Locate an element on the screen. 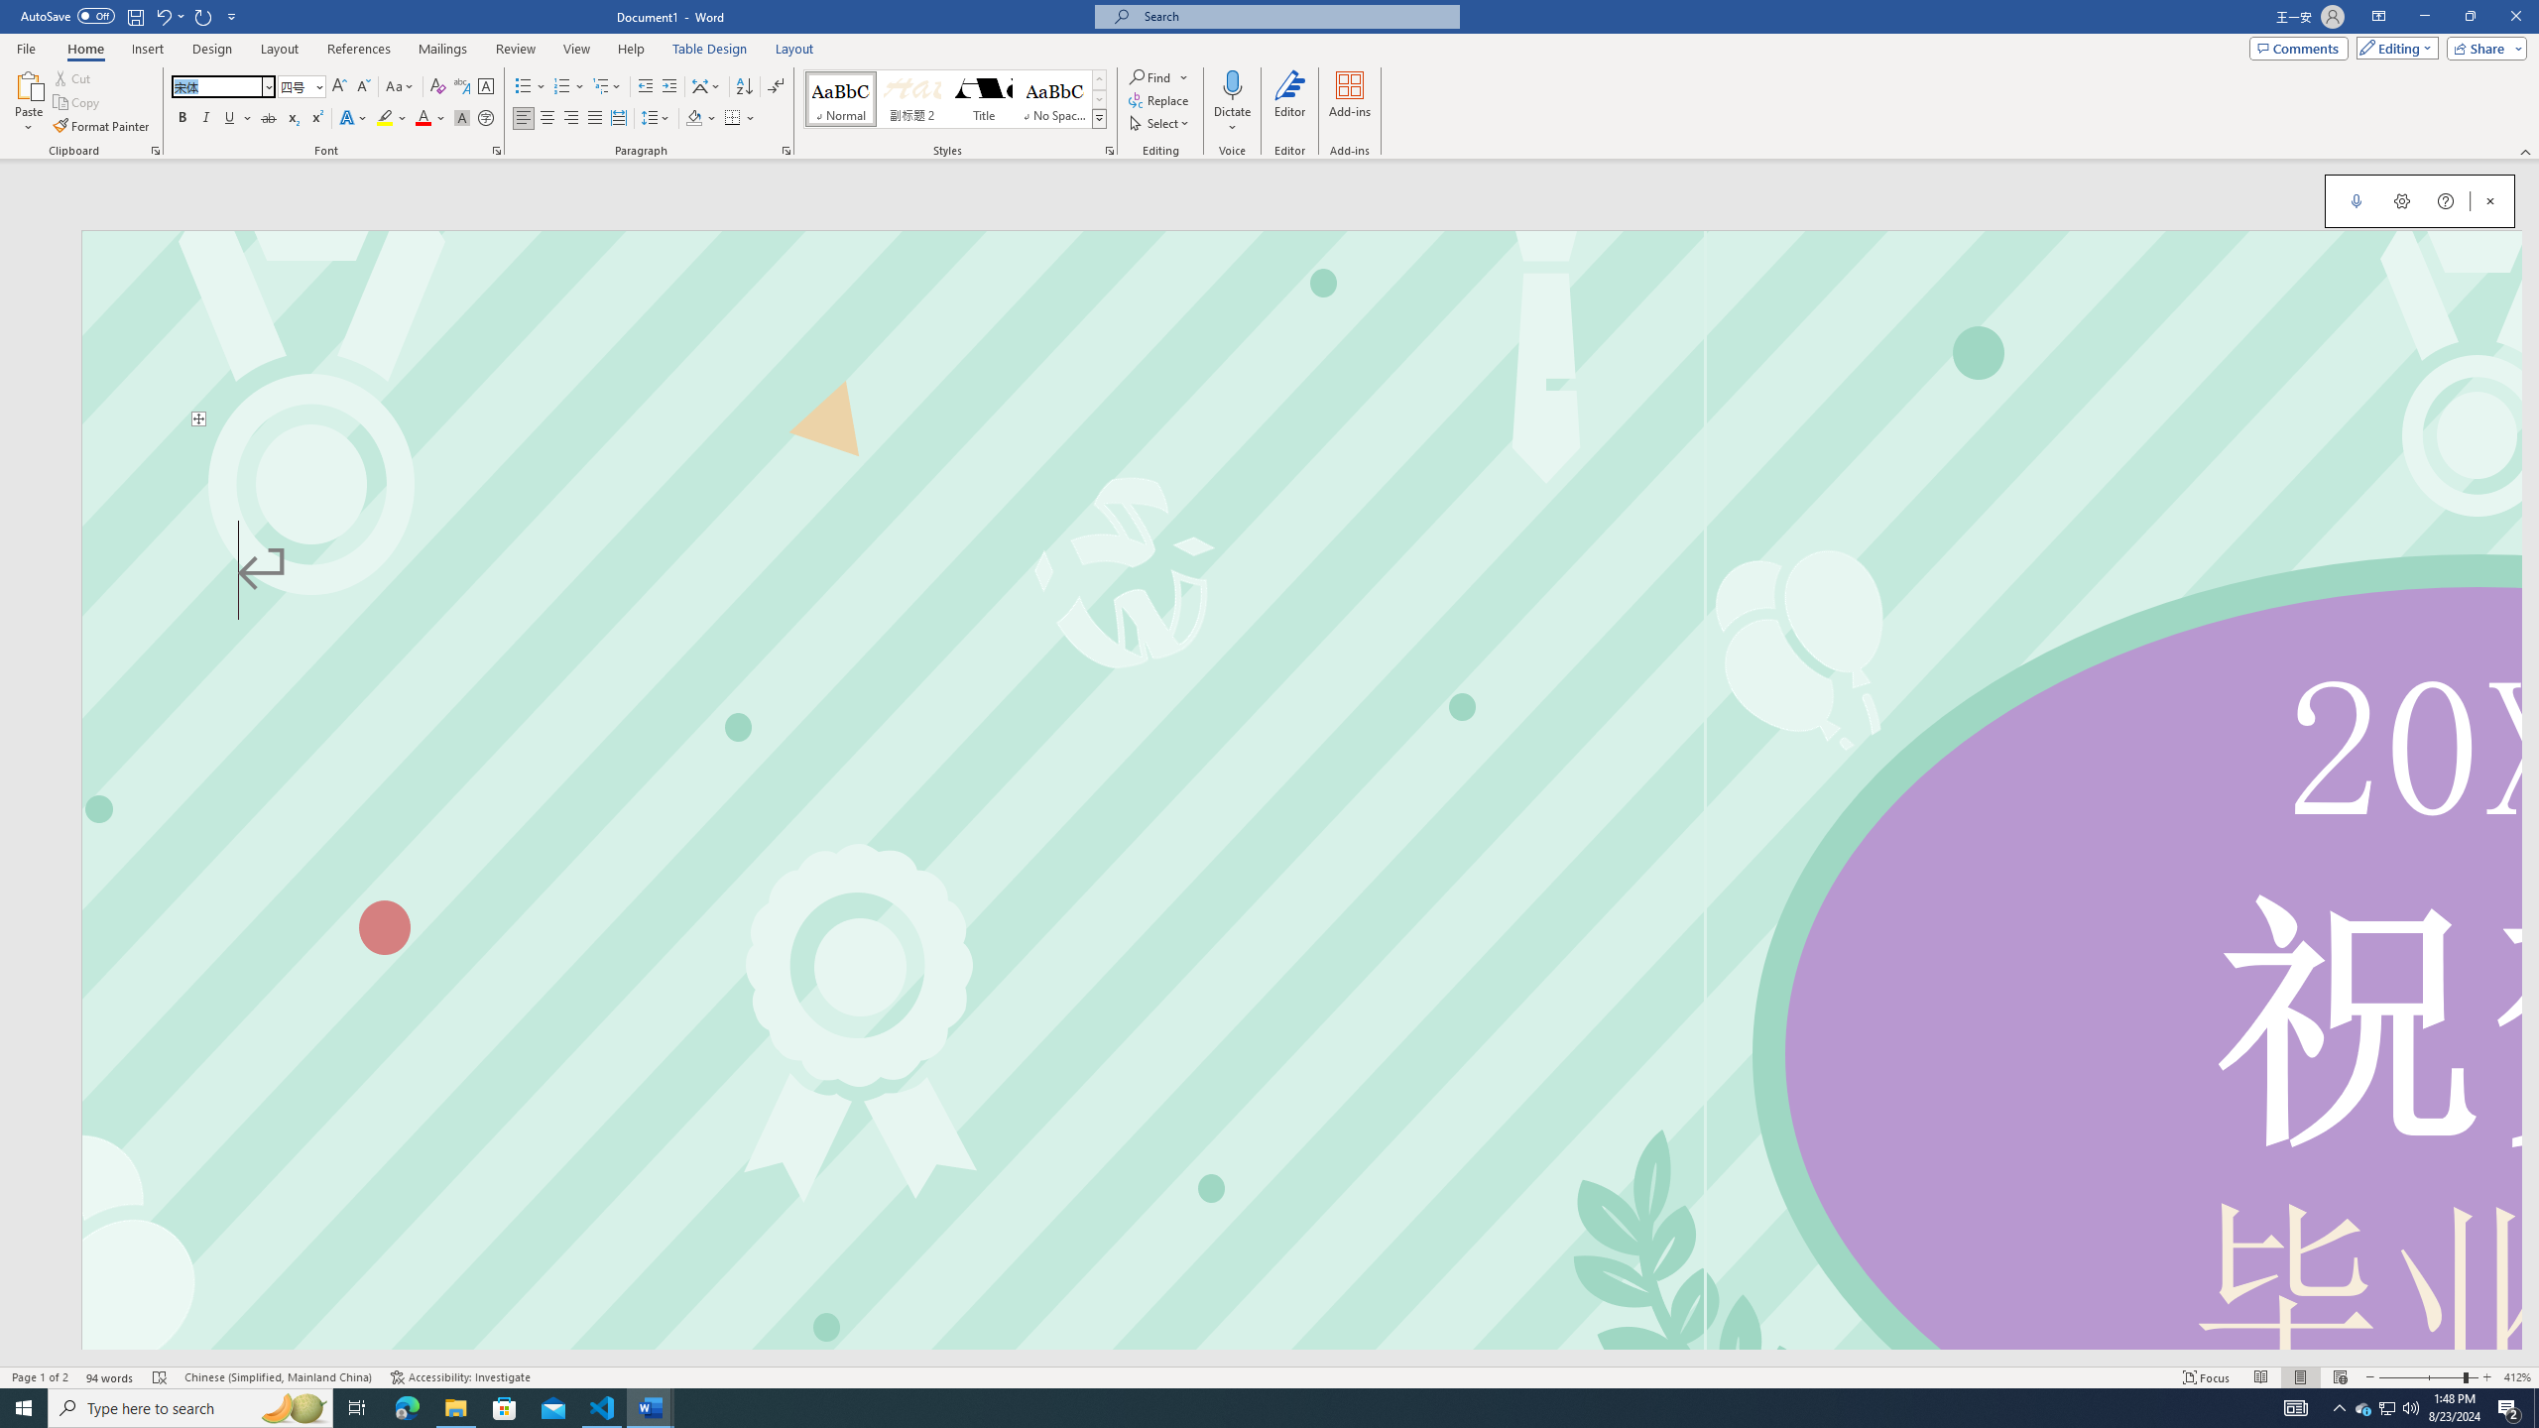 The height and width of the screenshot is (1428, 2539). 'Dictation Settings' is located at coordinates (2401, 200).